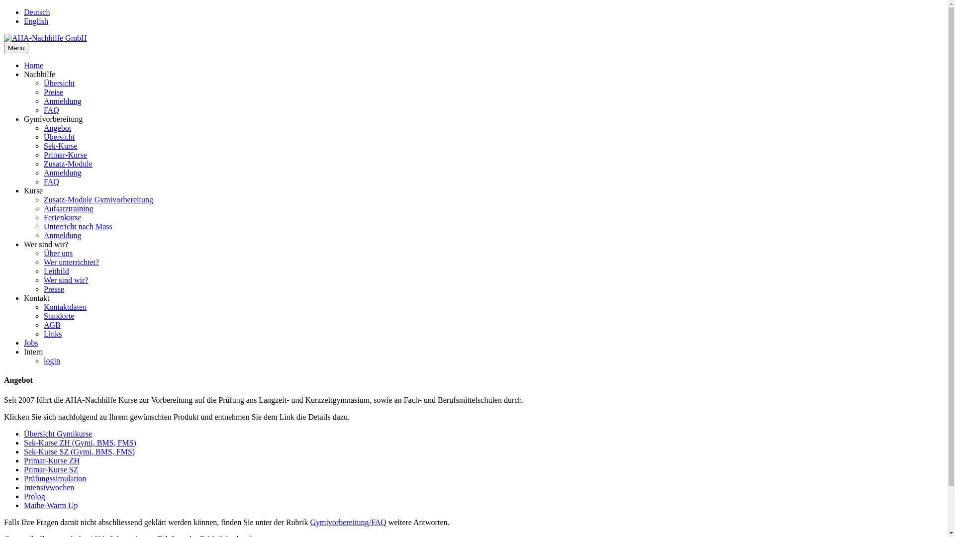 The image size is (955, 537). Describe the element at coordinates (68, 163) in the screenshot. I see `'Zusatz-Module'` at that location.